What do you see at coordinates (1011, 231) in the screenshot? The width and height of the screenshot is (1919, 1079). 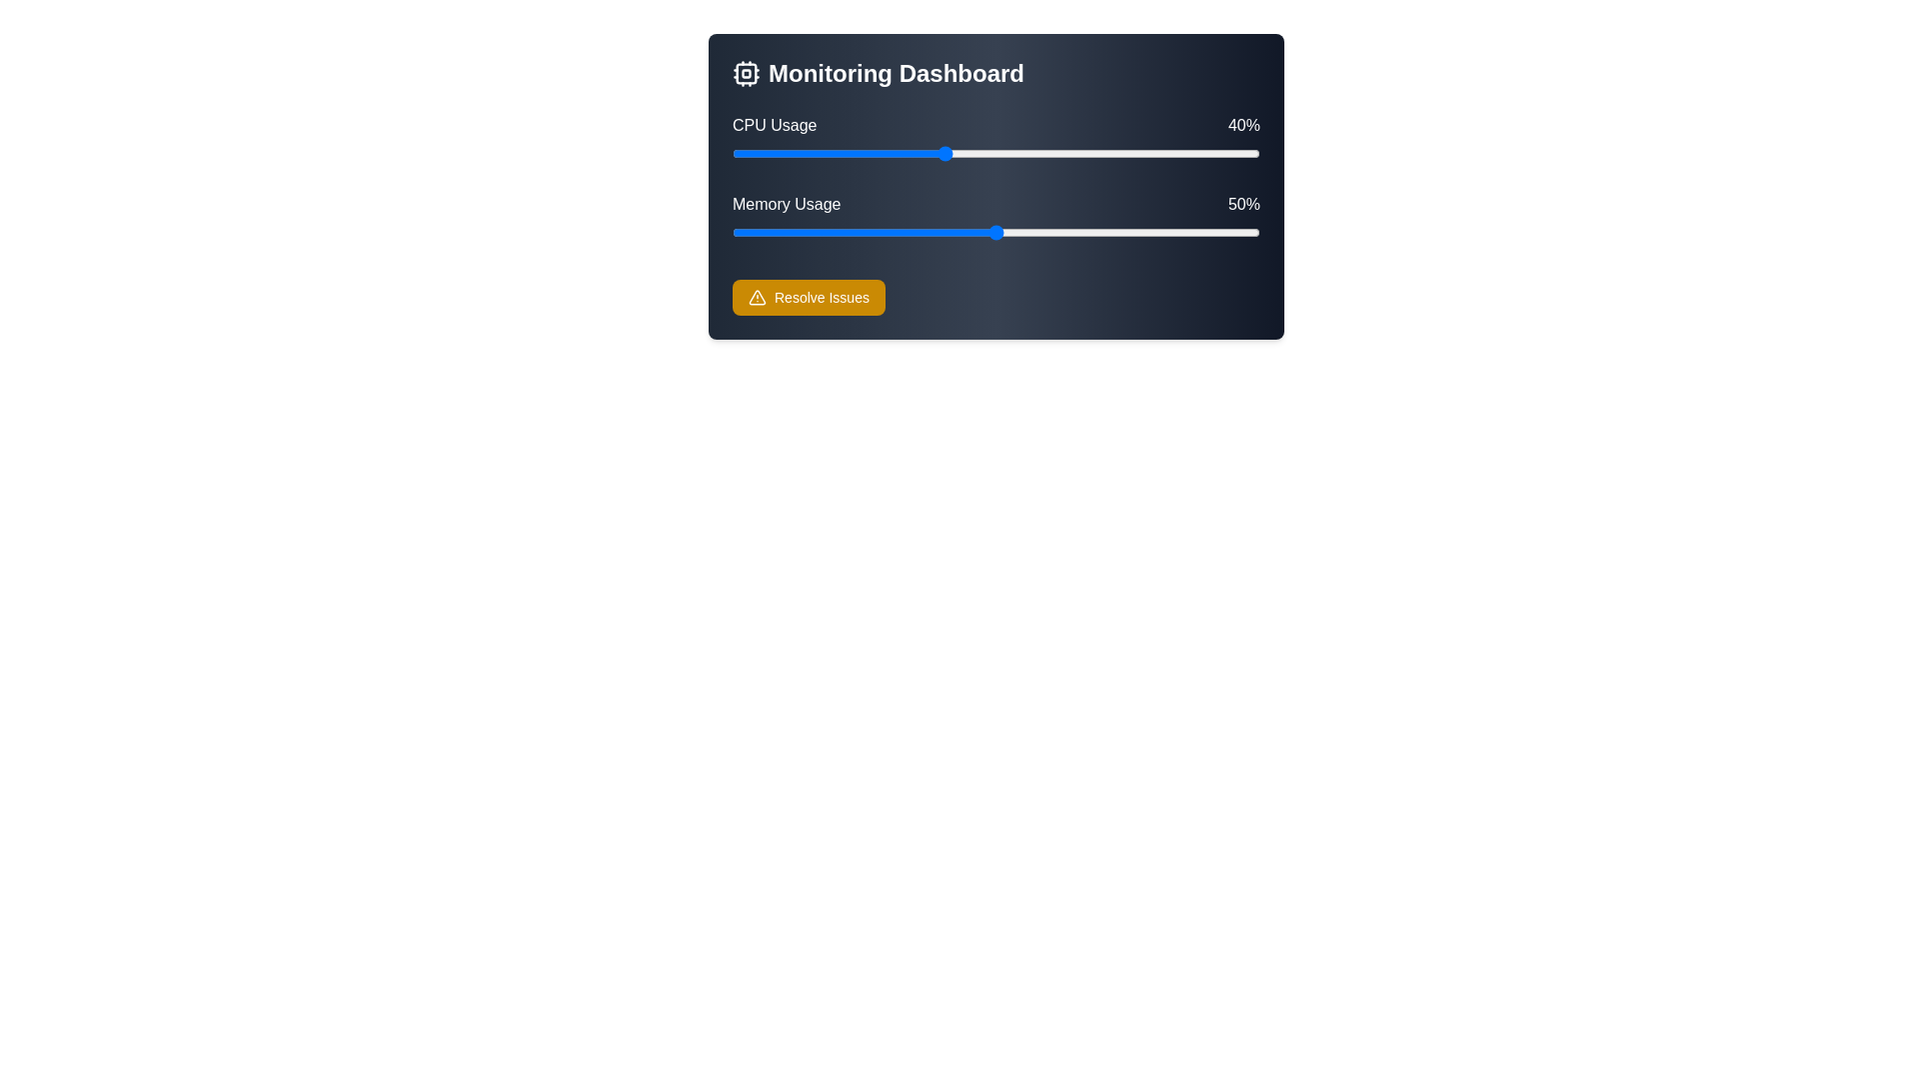 I see `Memory Usage` at bounding box center [1011, 231].